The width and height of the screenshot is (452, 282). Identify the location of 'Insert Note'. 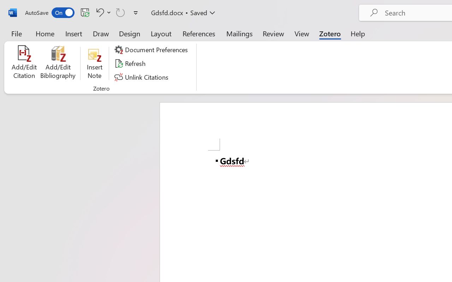
(94, 63).